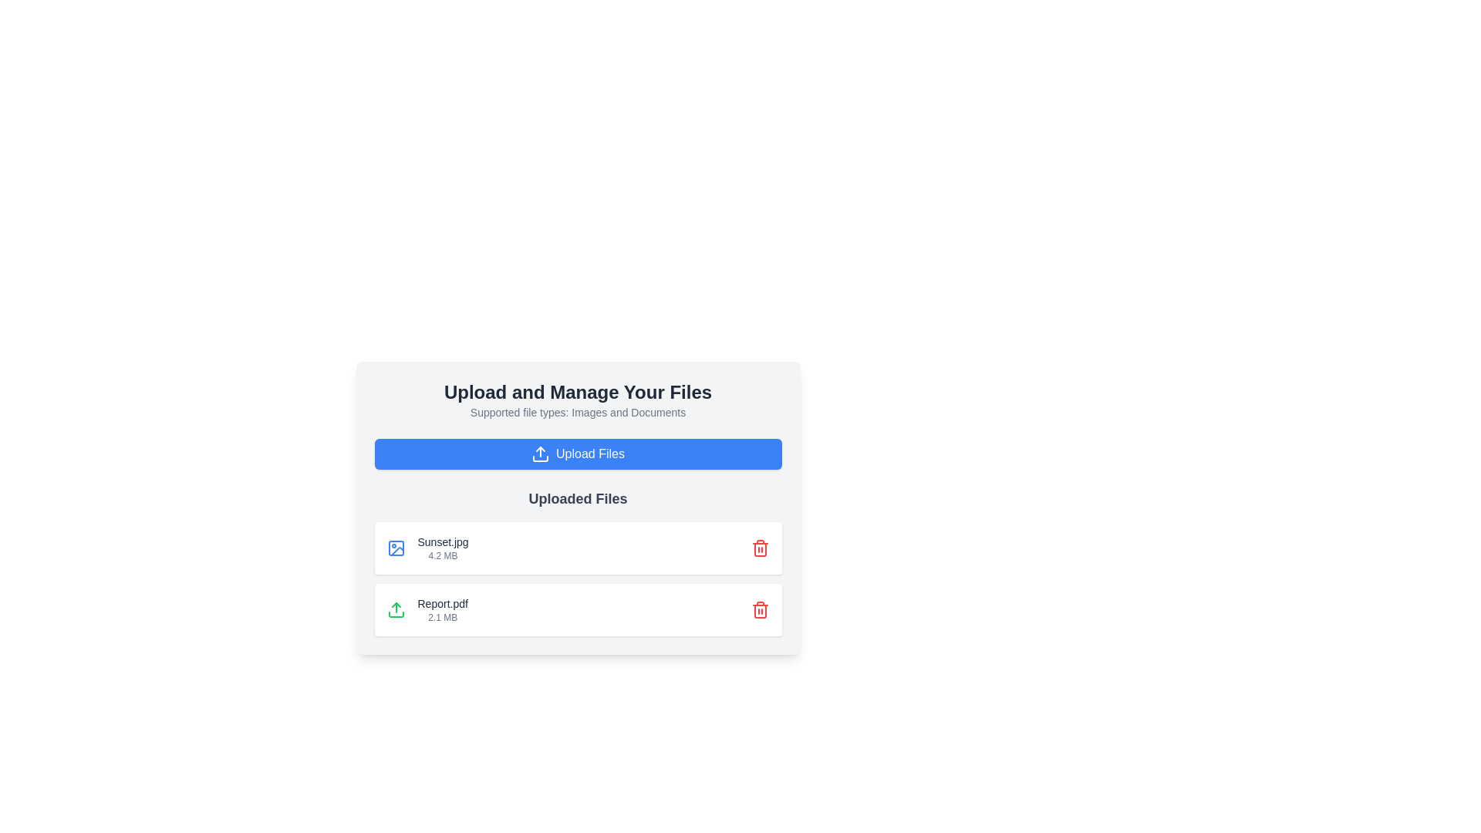  What do you see at coordinates (442, 603) in the screenshot?
I see `the static text label displaying the uploaded file name 'Report.pdf' to indicate the file's identity` at bounding box center [442, 603].